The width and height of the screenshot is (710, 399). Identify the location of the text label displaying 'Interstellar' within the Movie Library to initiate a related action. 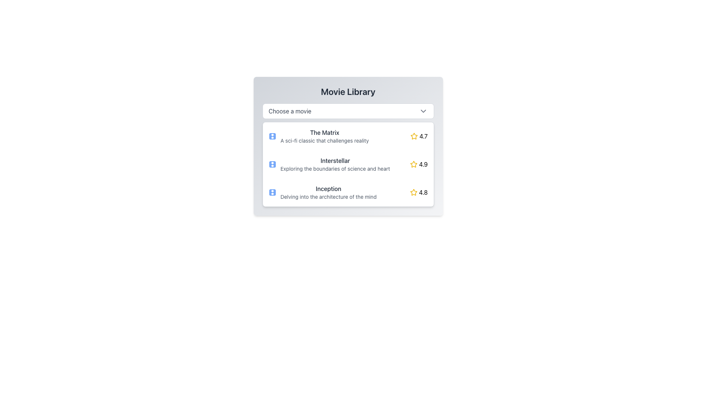
(335, 160).